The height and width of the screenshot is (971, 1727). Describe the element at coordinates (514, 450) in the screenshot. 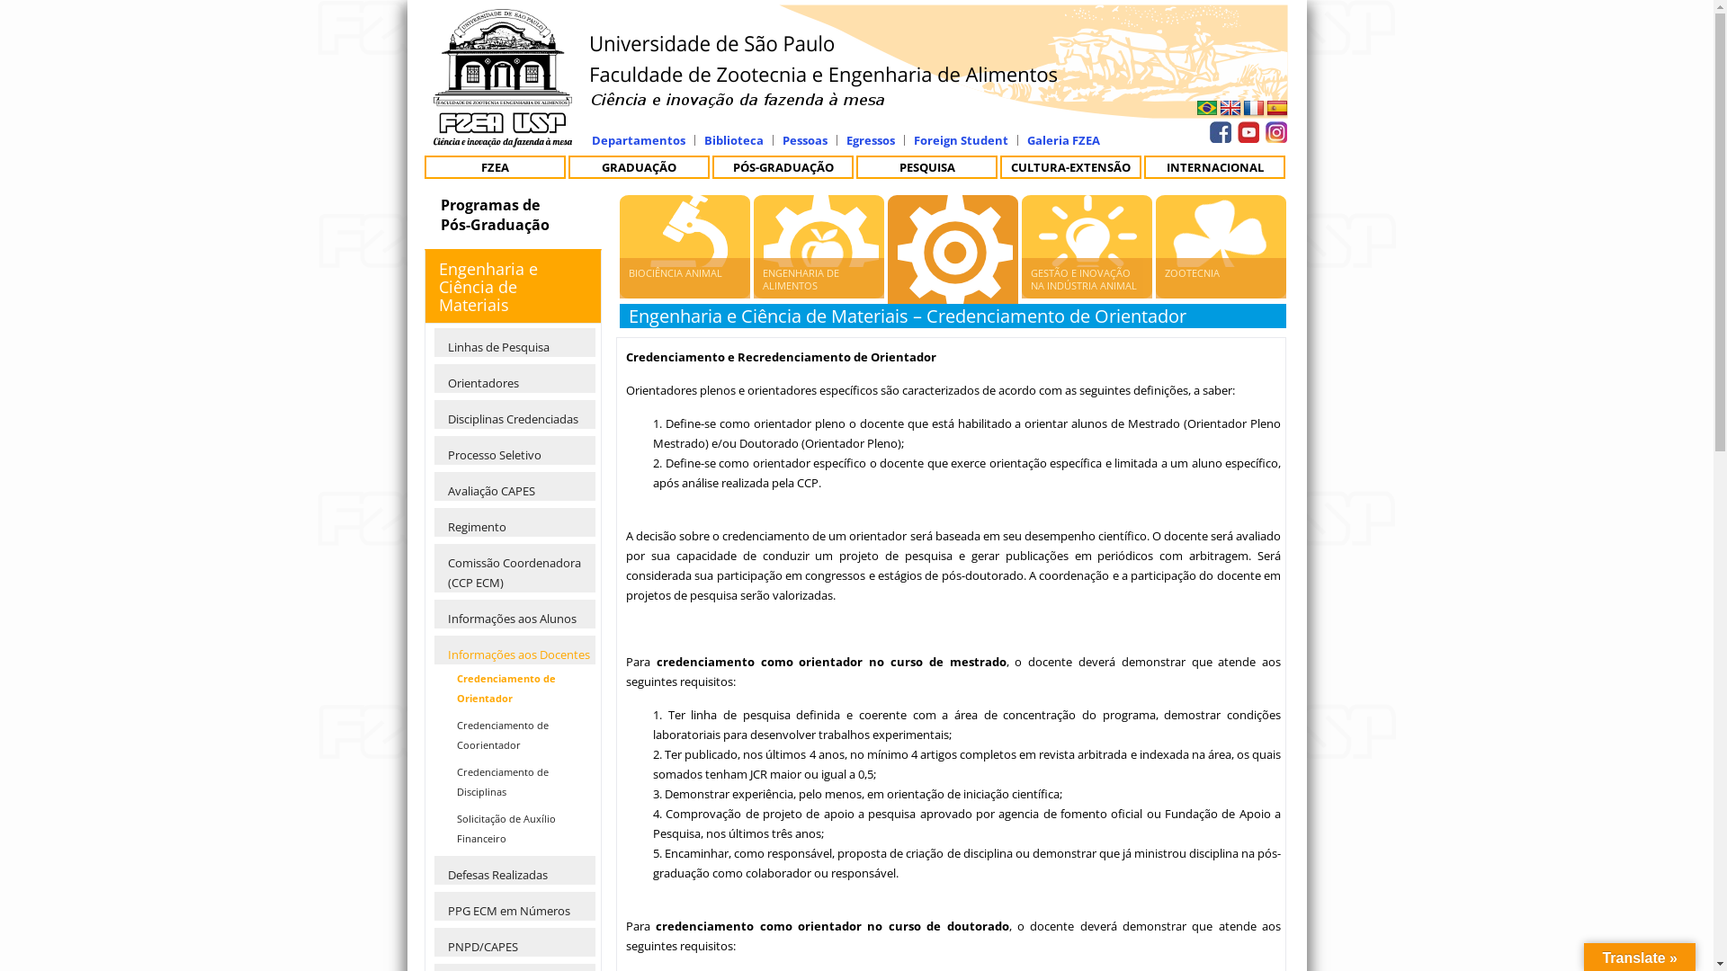

I see `'Processo Seletivo'` at that location.